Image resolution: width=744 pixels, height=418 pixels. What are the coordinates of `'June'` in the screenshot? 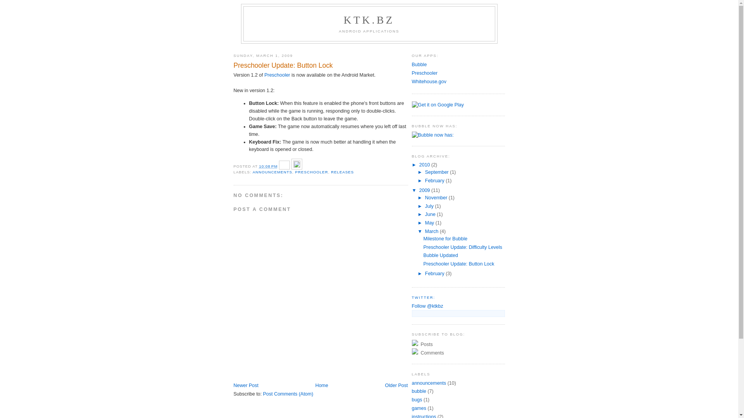 It's located at (431, 214).